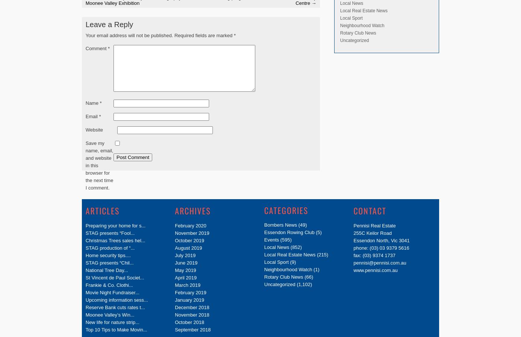 The image size is (521, 337). What do you see at coordinates (354, 40) in the screenshot?
I see `'Uncategorized'` at bounding box center [354, 40].